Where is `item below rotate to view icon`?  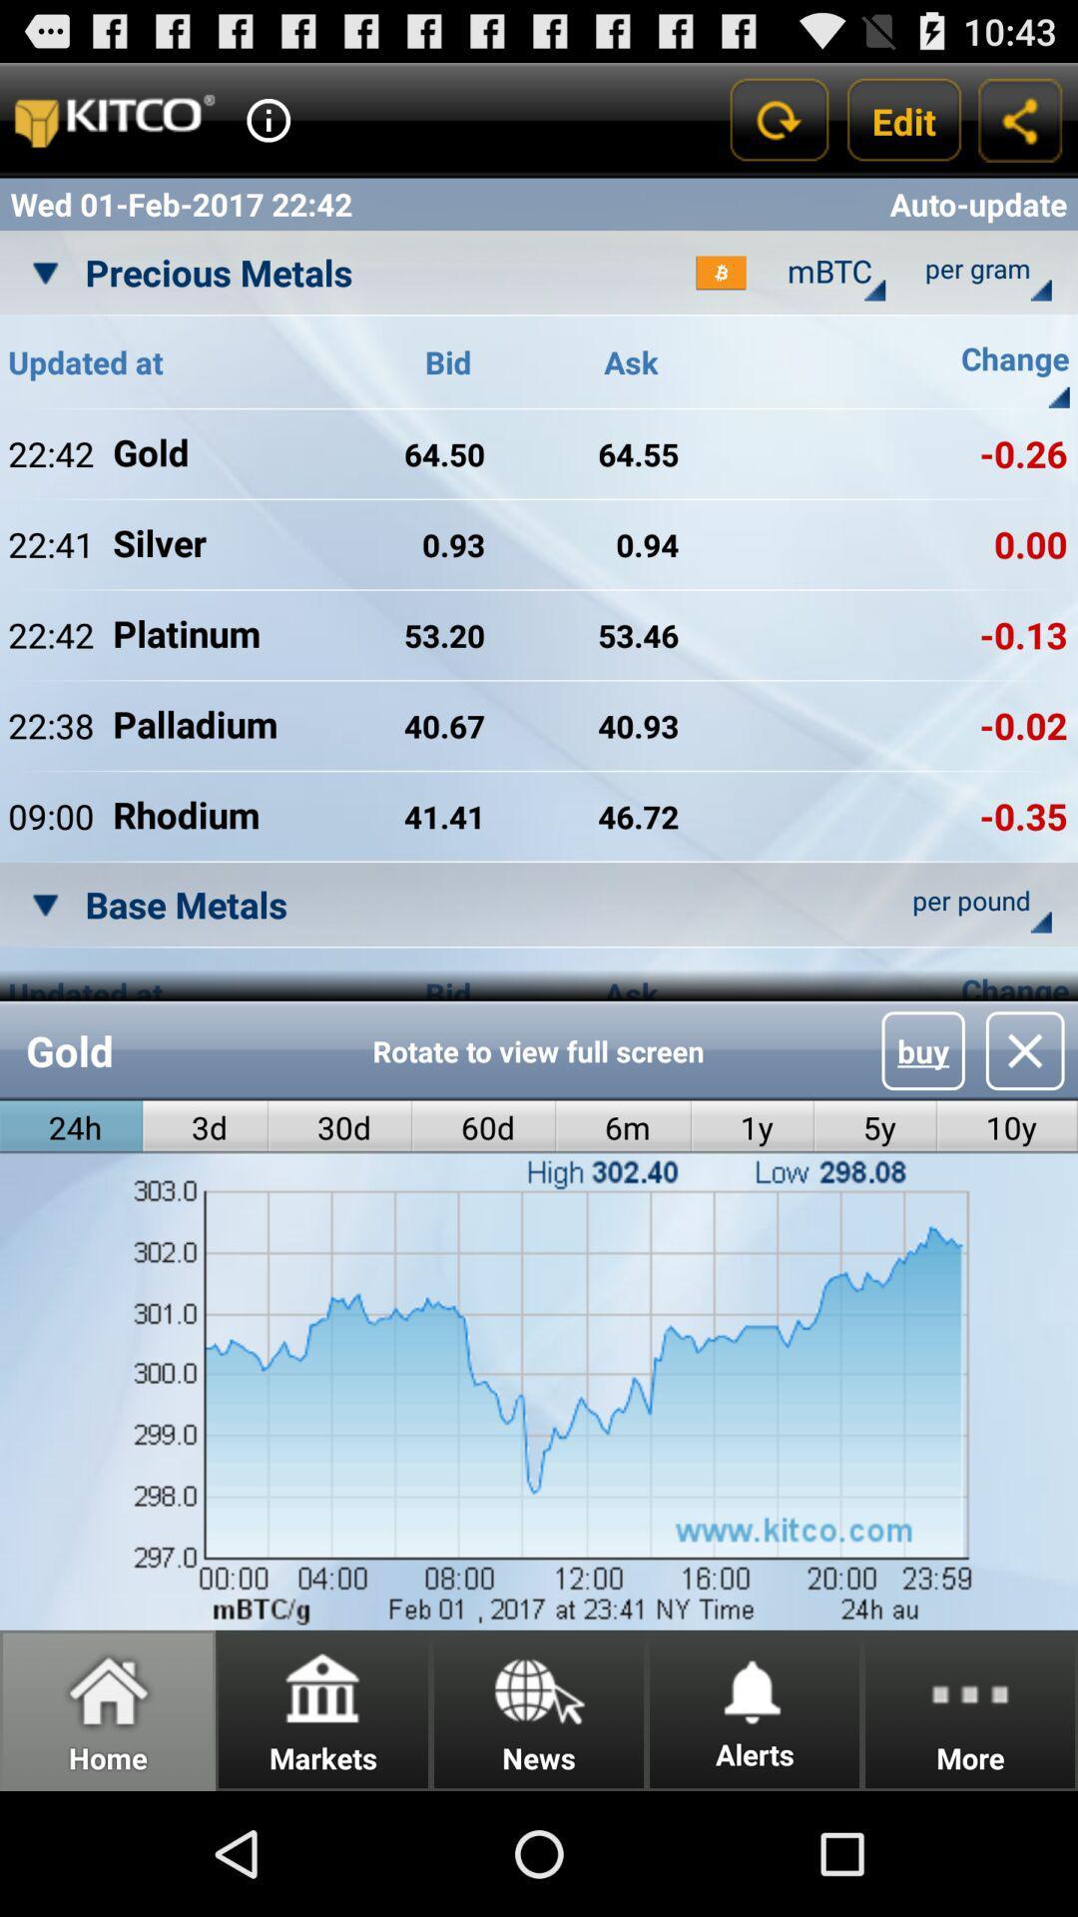 item below rotate to view icon is located at coordinates (753, 1127).